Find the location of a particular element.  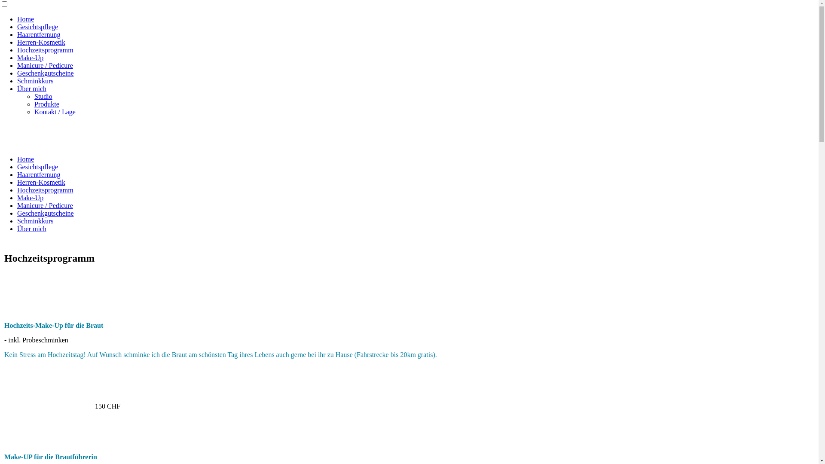

'Schminkkurs' is located at coordinates (34, 220).